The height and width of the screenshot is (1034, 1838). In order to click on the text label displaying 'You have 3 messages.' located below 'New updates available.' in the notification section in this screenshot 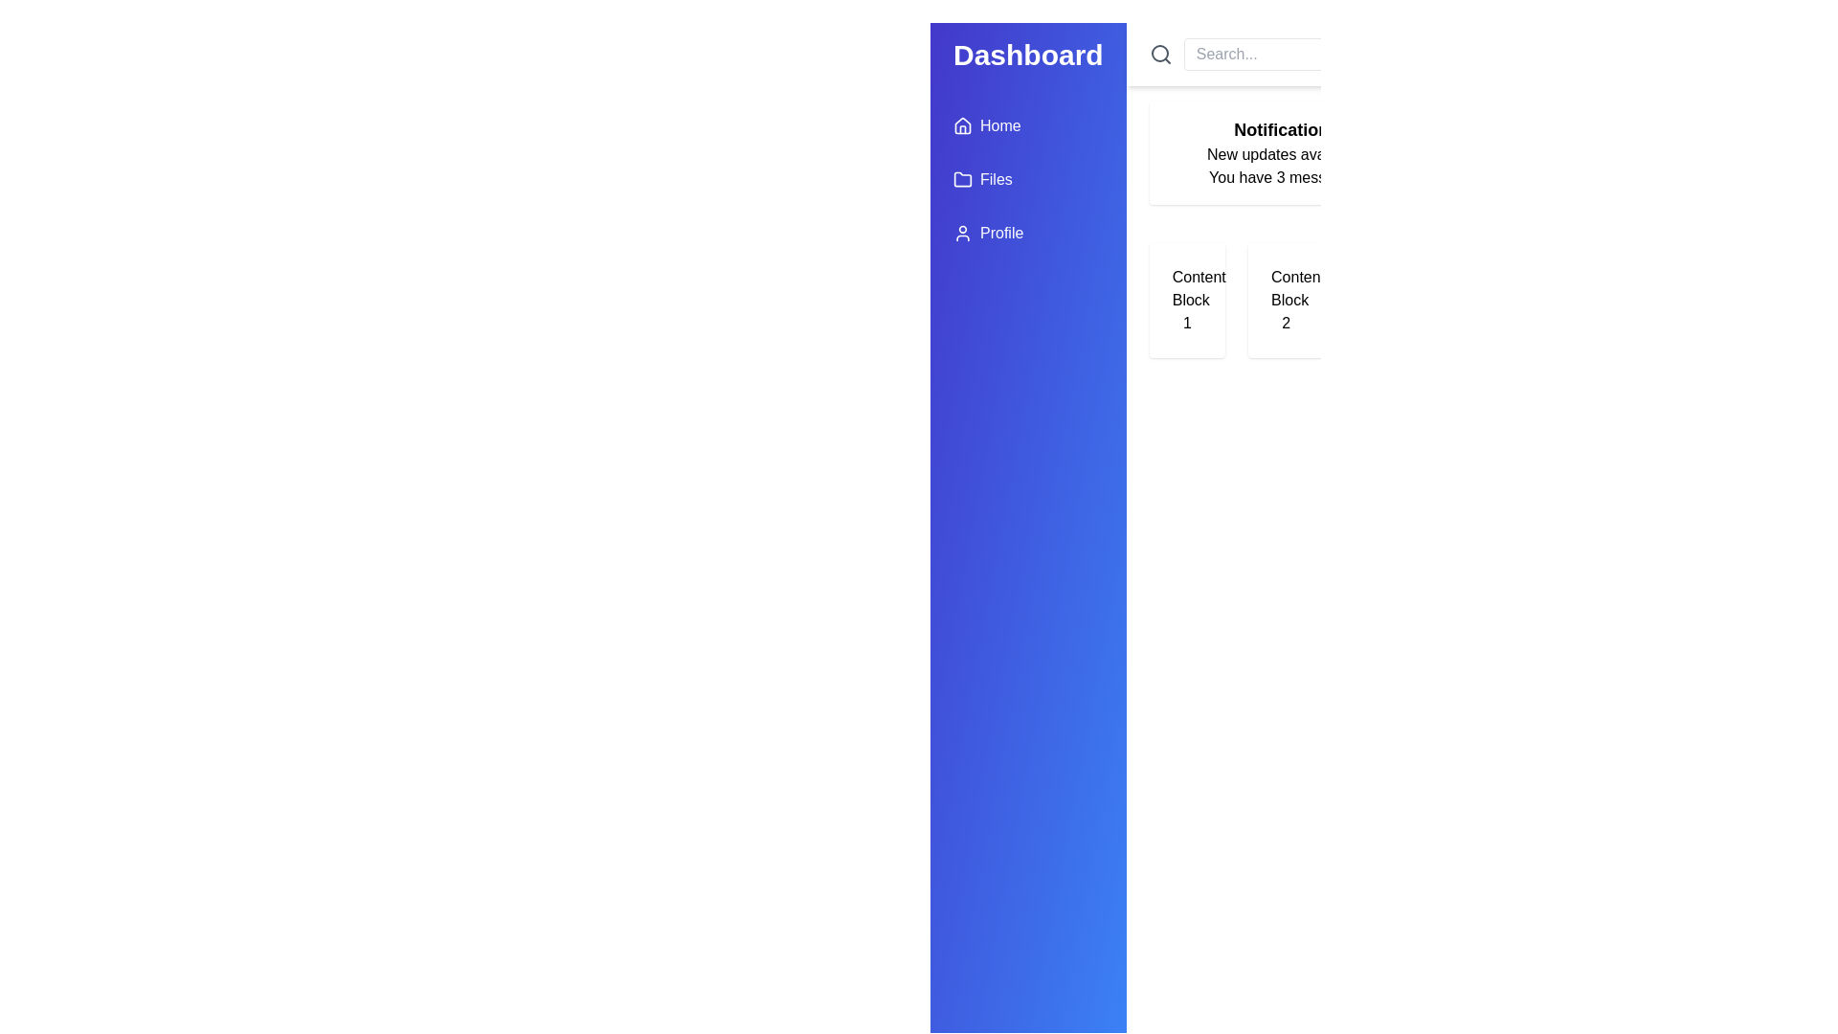, I will do `click(1286, 177)`.